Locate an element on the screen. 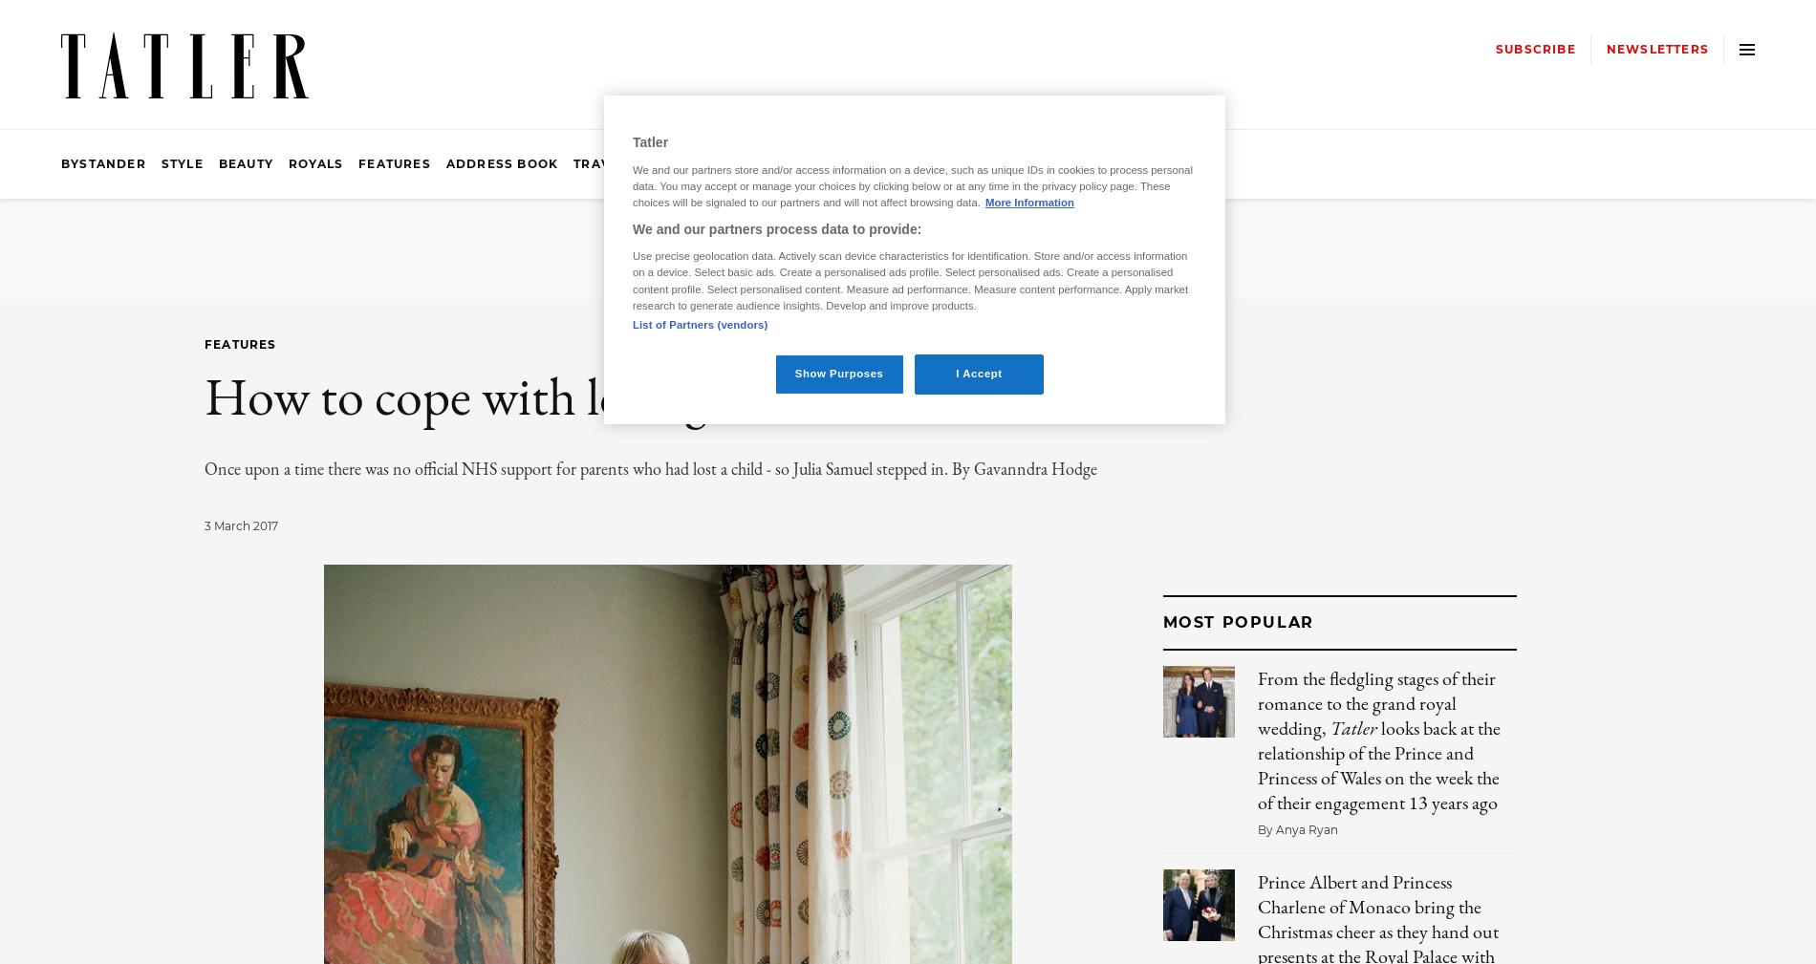  'Address Book' is located at coordinates (501, 162).